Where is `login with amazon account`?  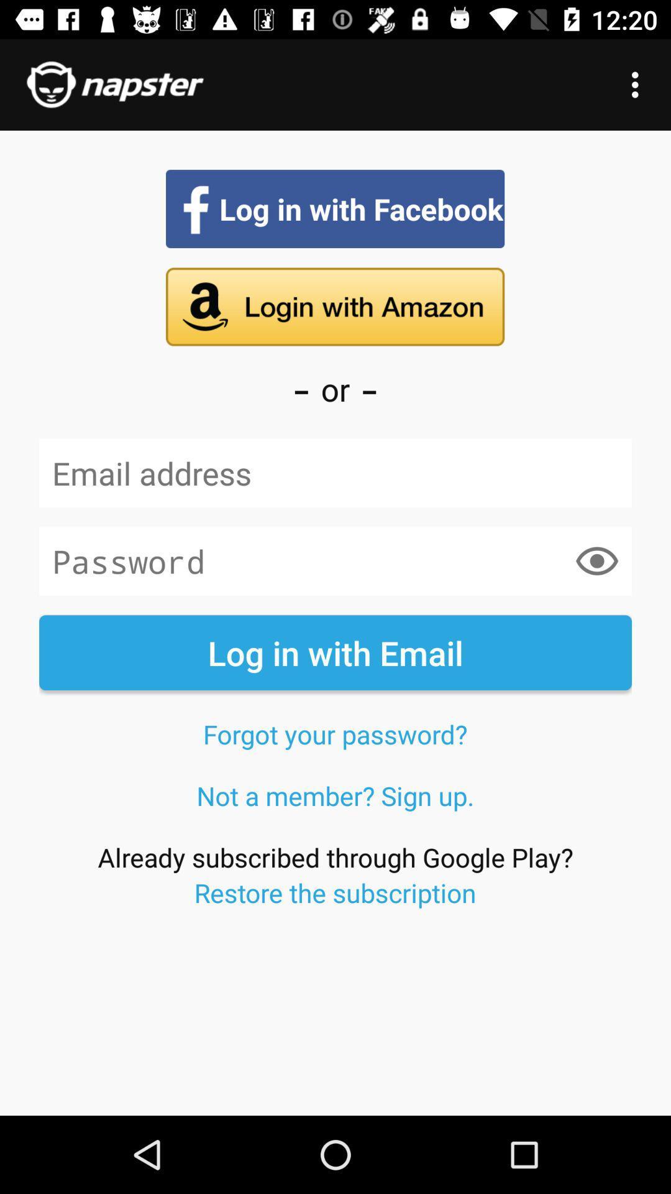 login with amazon account is located at coordinates (334, 307).